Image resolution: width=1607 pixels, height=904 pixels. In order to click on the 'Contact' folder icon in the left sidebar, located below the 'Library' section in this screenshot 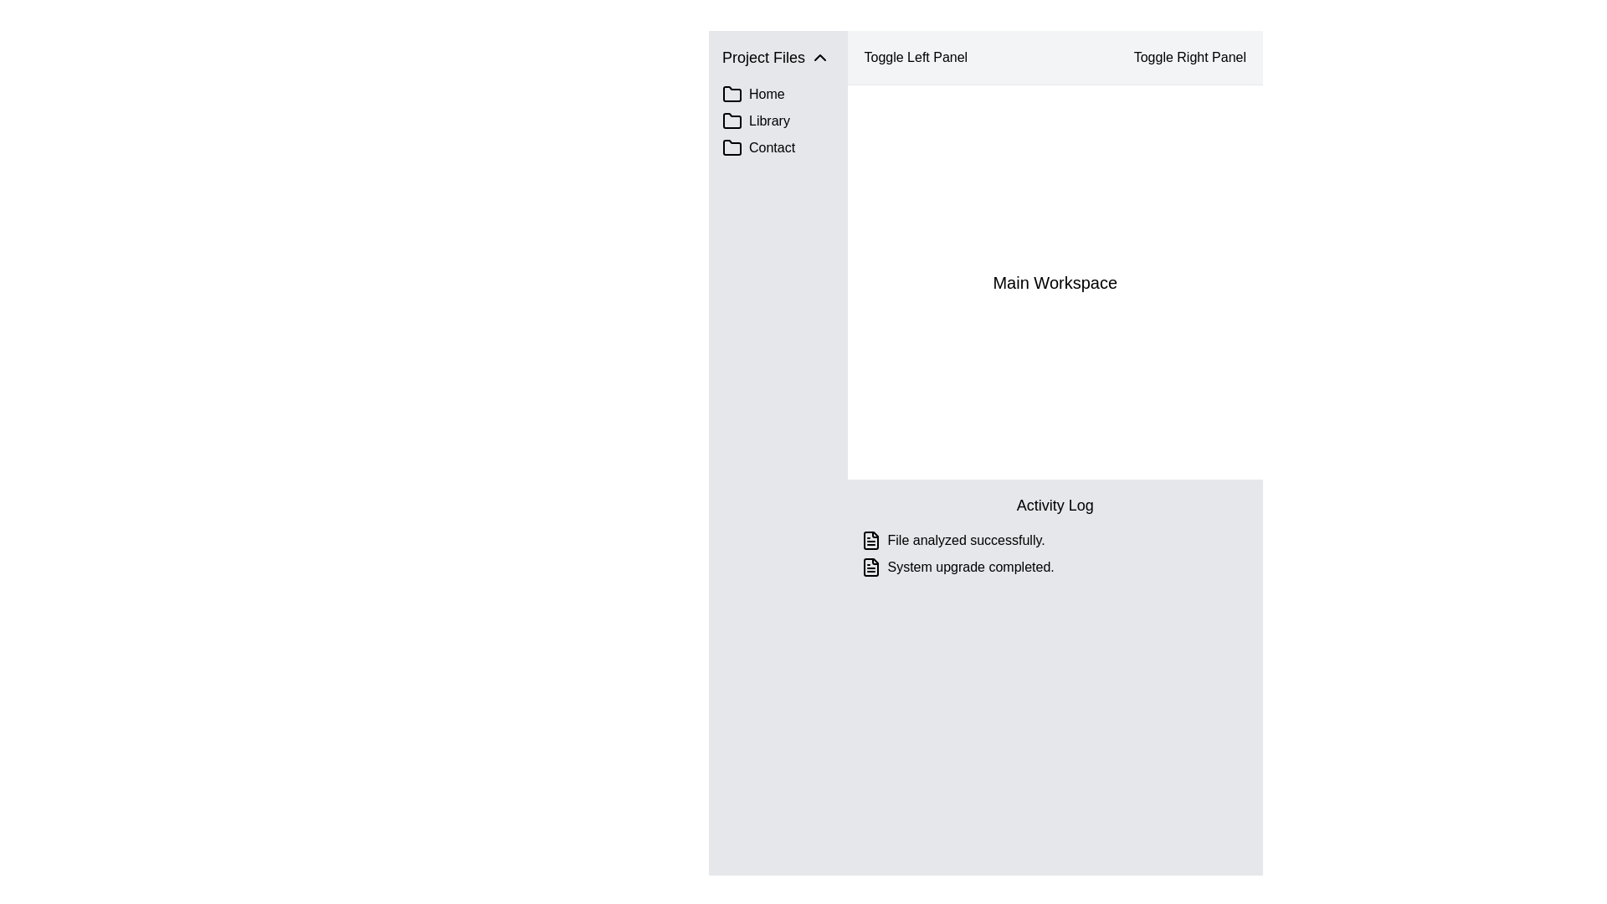, I will do `click(732, 147)`.